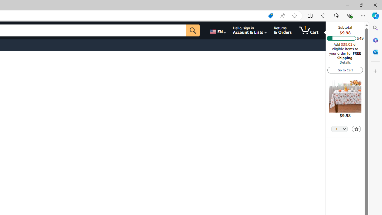 Image resolution: width=382 pixels, height=215 pixels. What do you see at coordinates (282, 16) in the screenshot?
I see `'Read aloud this page (Ctrl+Shift+U)'` at bounding box center [282, 16].